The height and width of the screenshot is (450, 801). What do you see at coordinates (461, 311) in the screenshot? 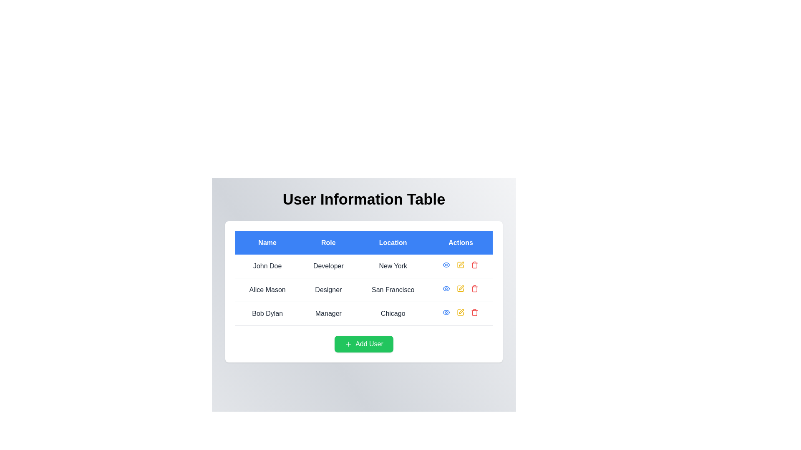
I see `the edit icon button located under the 'Actions' column of the last row in the table for 'Bob Dylan' to initiate the editing function` at bounding box center [461, 311].